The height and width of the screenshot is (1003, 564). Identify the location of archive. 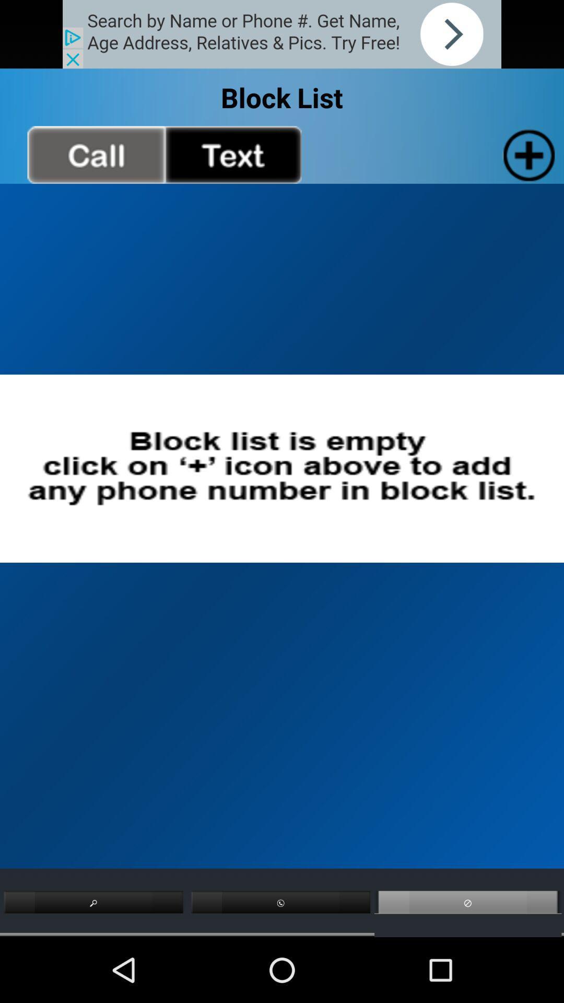
(527, 154).